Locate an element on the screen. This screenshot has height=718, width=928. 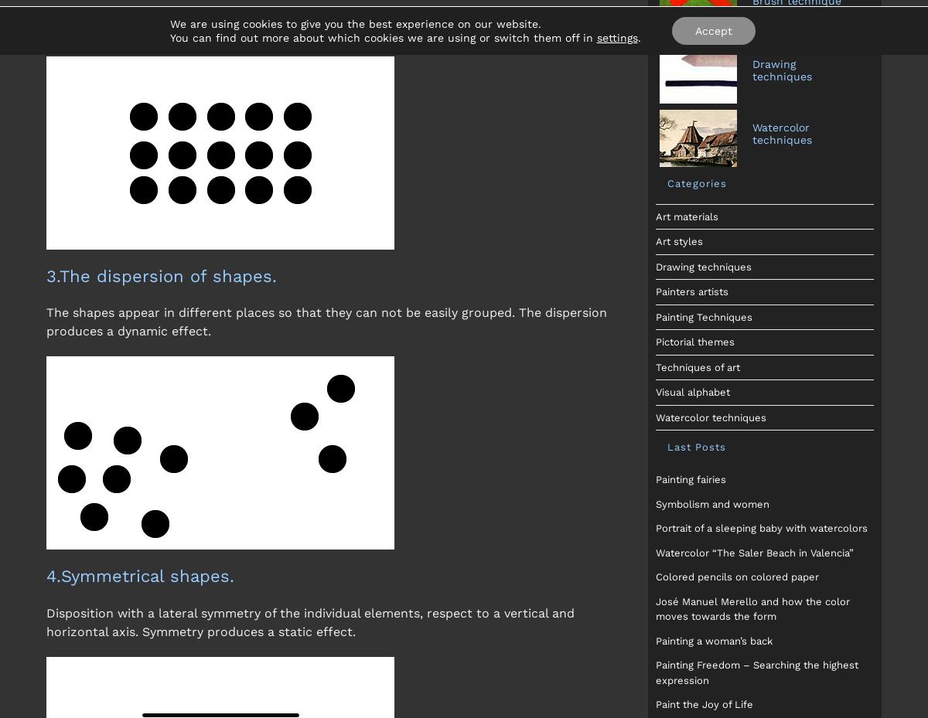
'settings' is located at coordinates (616, 36).